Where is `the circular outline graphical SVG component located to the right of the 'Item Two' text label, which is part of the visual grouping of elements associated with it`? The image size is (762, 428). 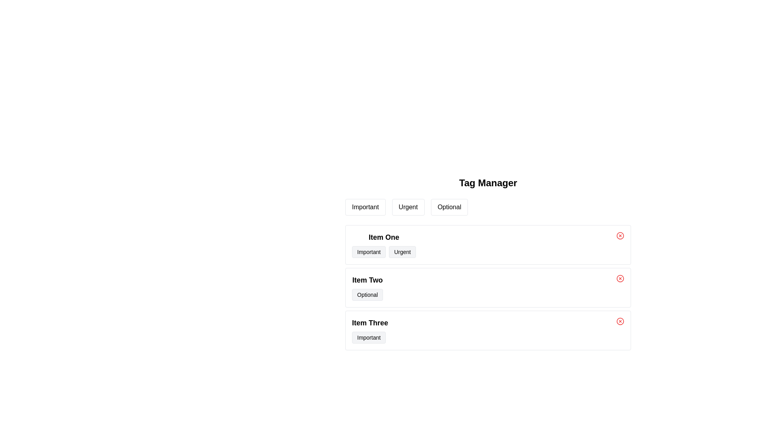 the circular outline graphical SVG component located to the right of the 'Item Two' text label, which is part of the visual grouping of elements associated with it is located at coordinates (620, 278).